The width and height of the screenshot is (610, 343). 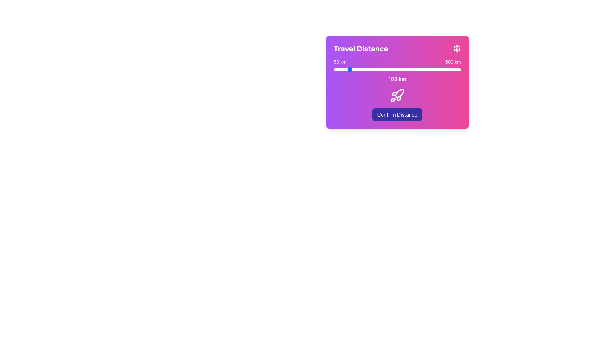 I want to click on the travel distance, so click(x=437, y=70).